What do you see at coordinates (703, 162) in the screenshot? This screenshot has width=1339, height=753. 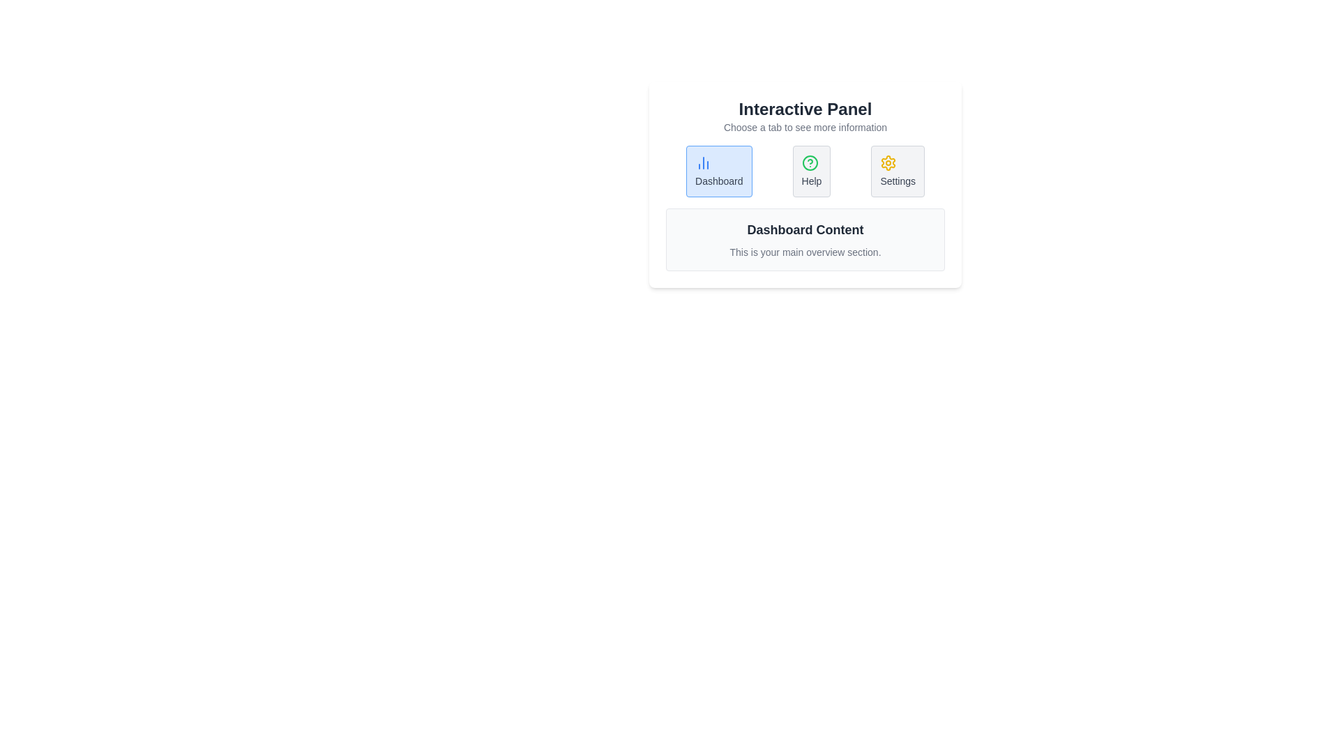 I see `the 'Dashboard' button by moving the cursor to the center of the chart icon` at bounding box center [703, 162].